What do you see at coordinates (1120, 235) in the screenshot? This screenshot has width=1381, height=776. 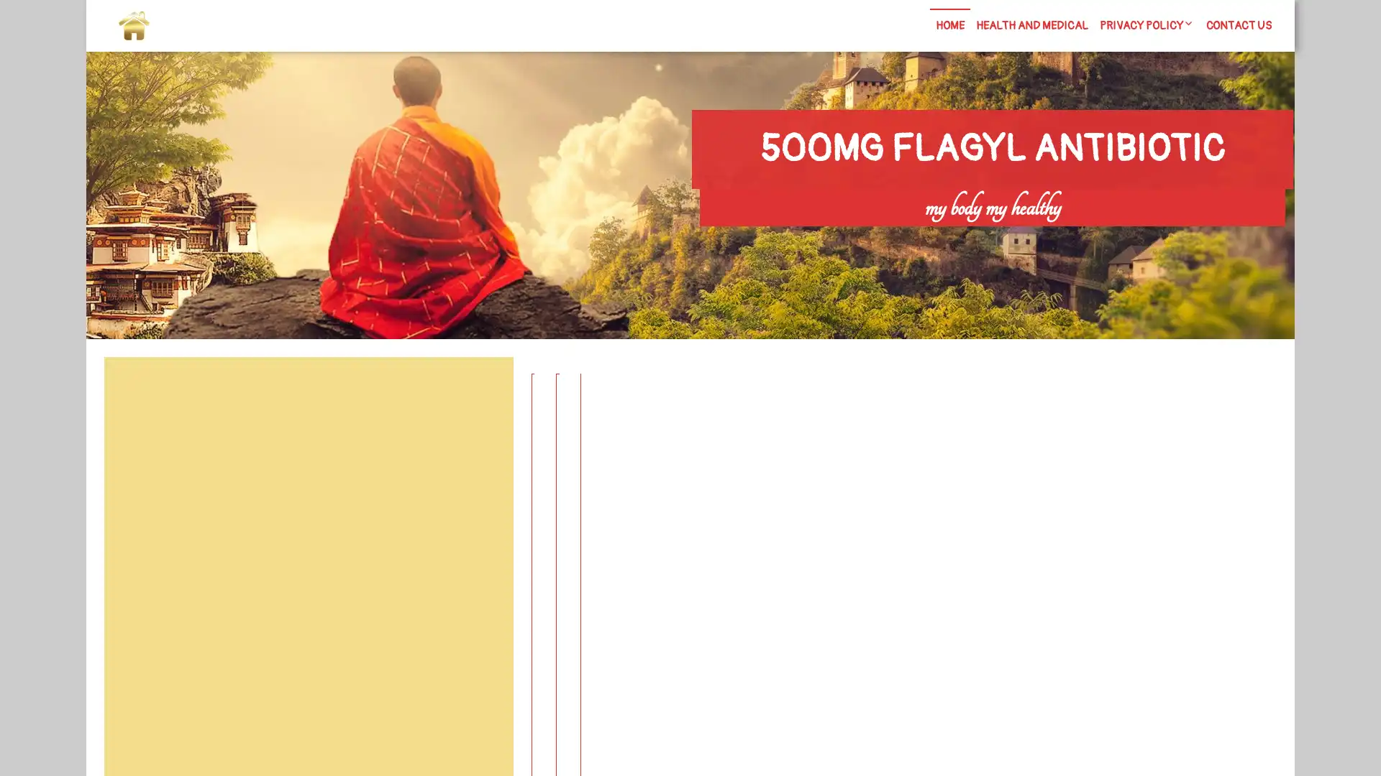 I see `Search` at bounding box center [1120, 235].